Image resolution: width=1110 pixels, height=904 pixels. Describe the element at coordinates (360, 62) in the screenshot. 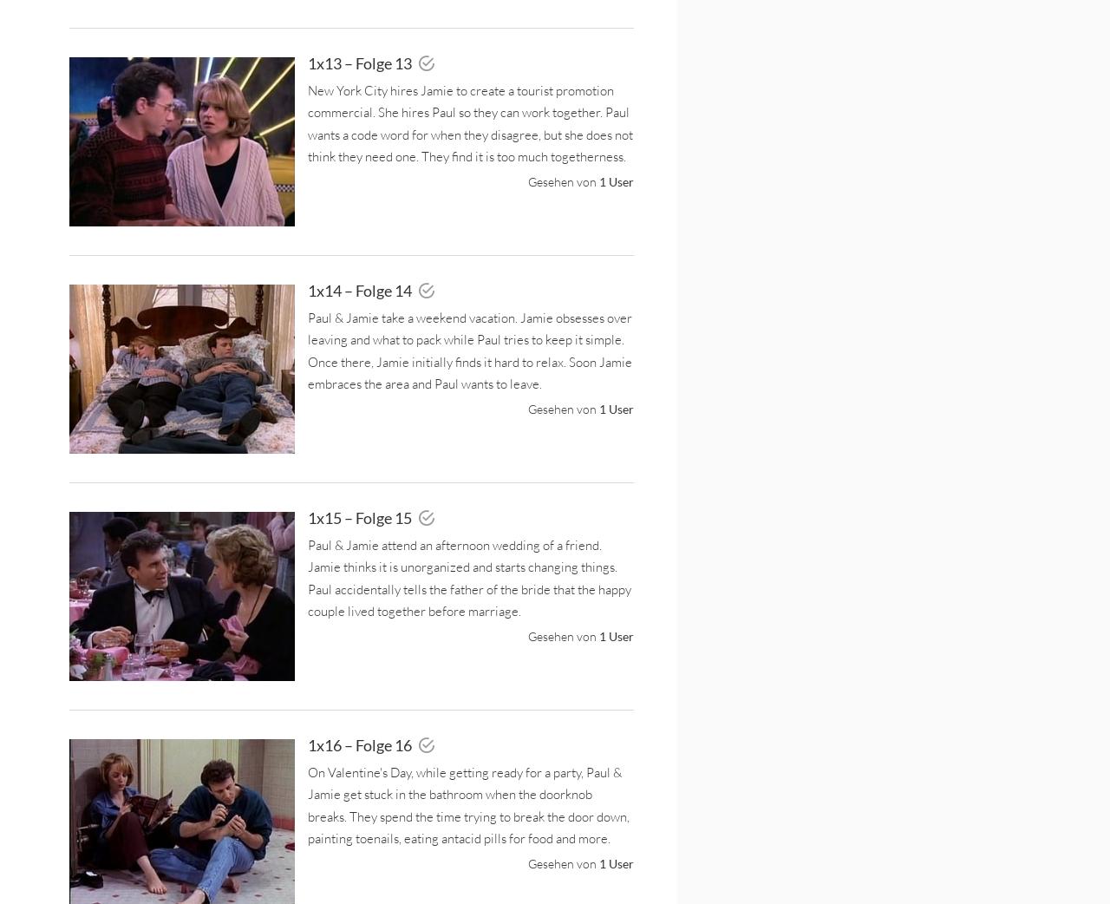

I see `'1x13 – Folge 13'` at that location.